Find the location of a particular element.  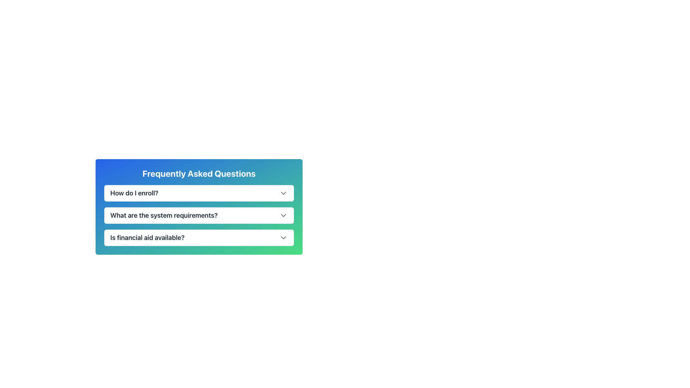

the second Collapsible item in the FAQ section labeled 'What are the system requirements?' is located at coordinates (199, 215).